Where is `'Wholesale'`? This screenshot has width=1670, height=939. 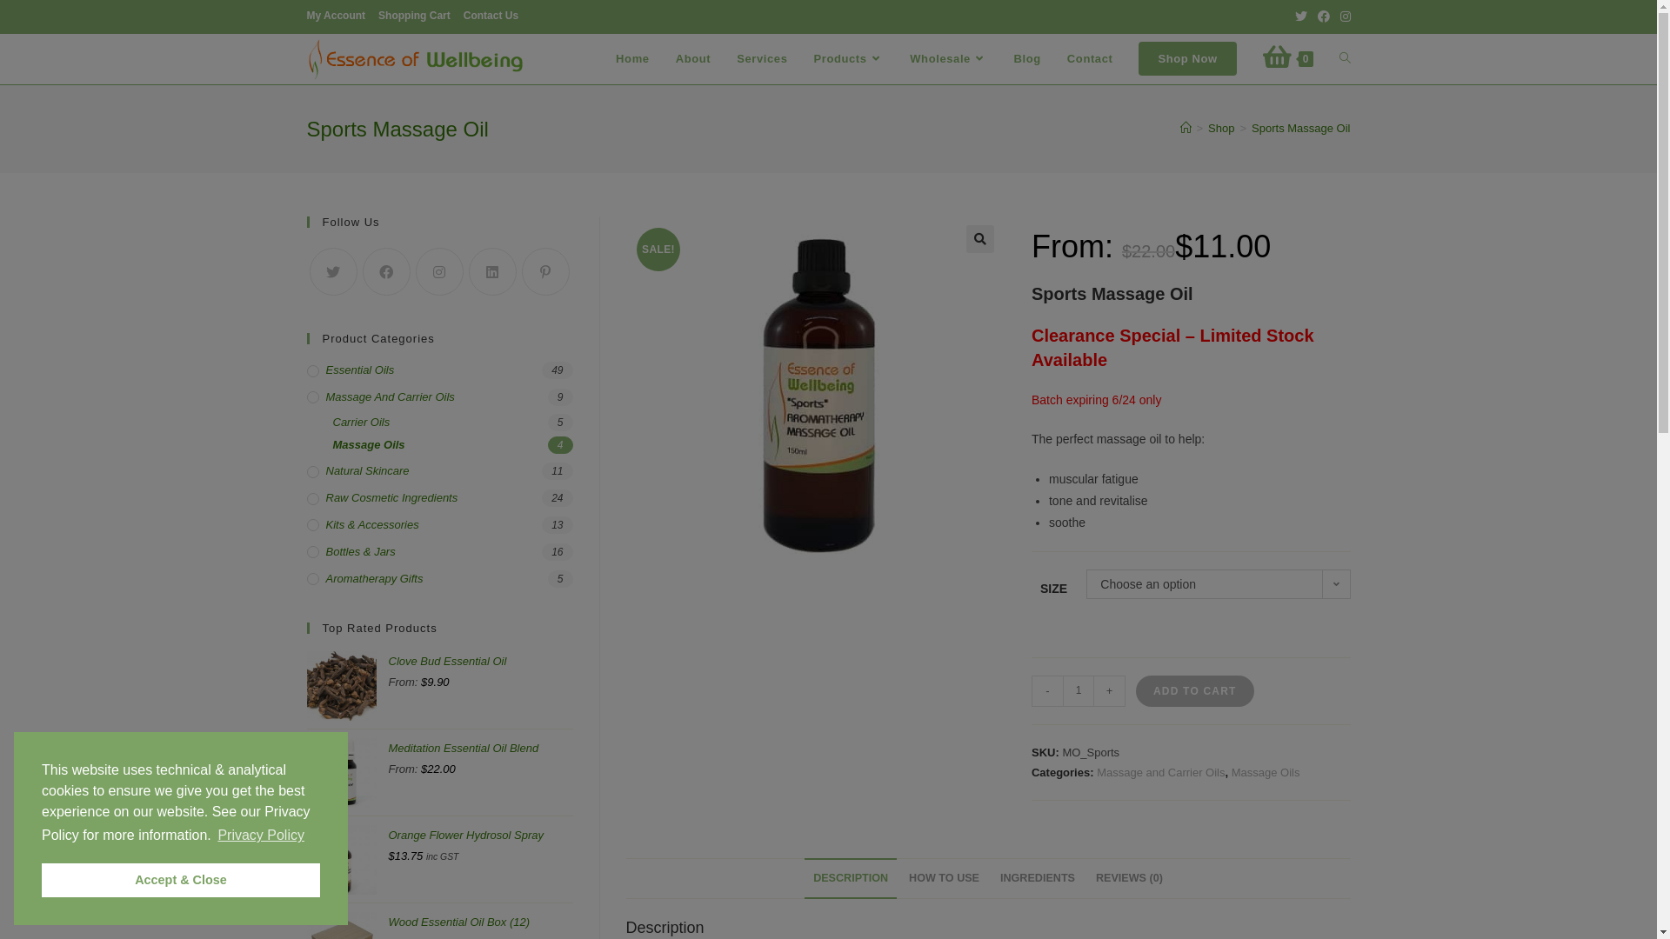 'Wholesale' is located at coordinates (947, 58).